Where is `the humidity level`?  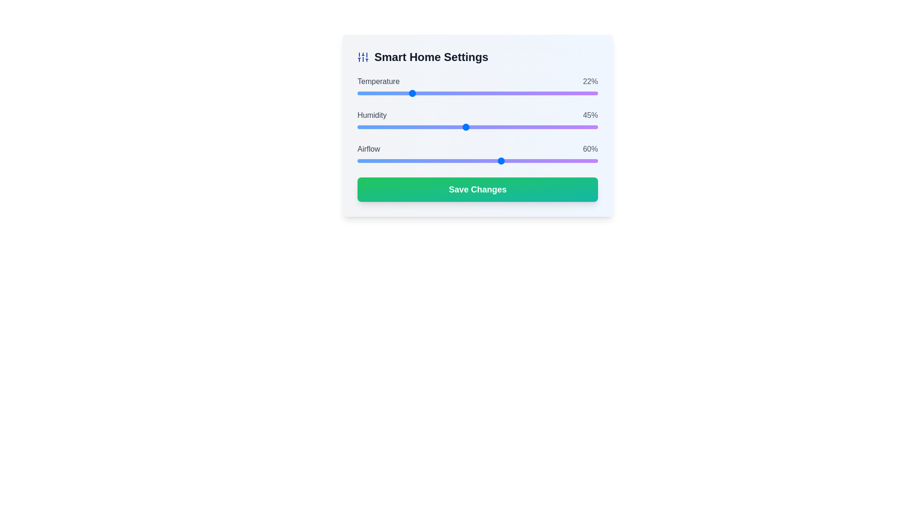
the humidity level is located at coordinates (482, 127).